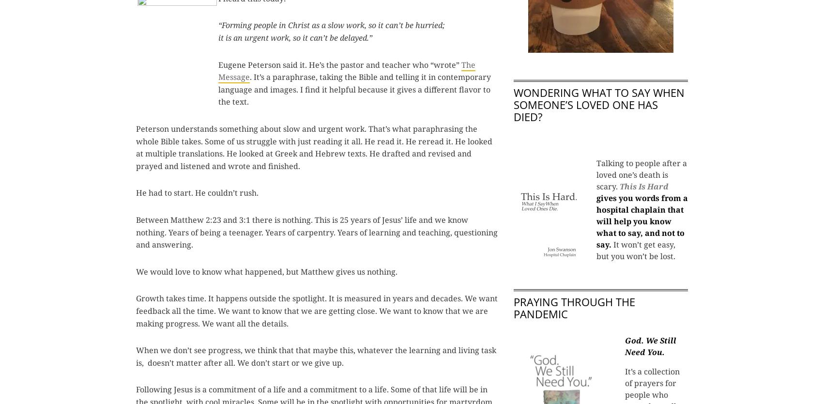  I want to click on 'Eugene Peterson said it. He’s the pastor and teacher who “wrote”', so click(340, 64).